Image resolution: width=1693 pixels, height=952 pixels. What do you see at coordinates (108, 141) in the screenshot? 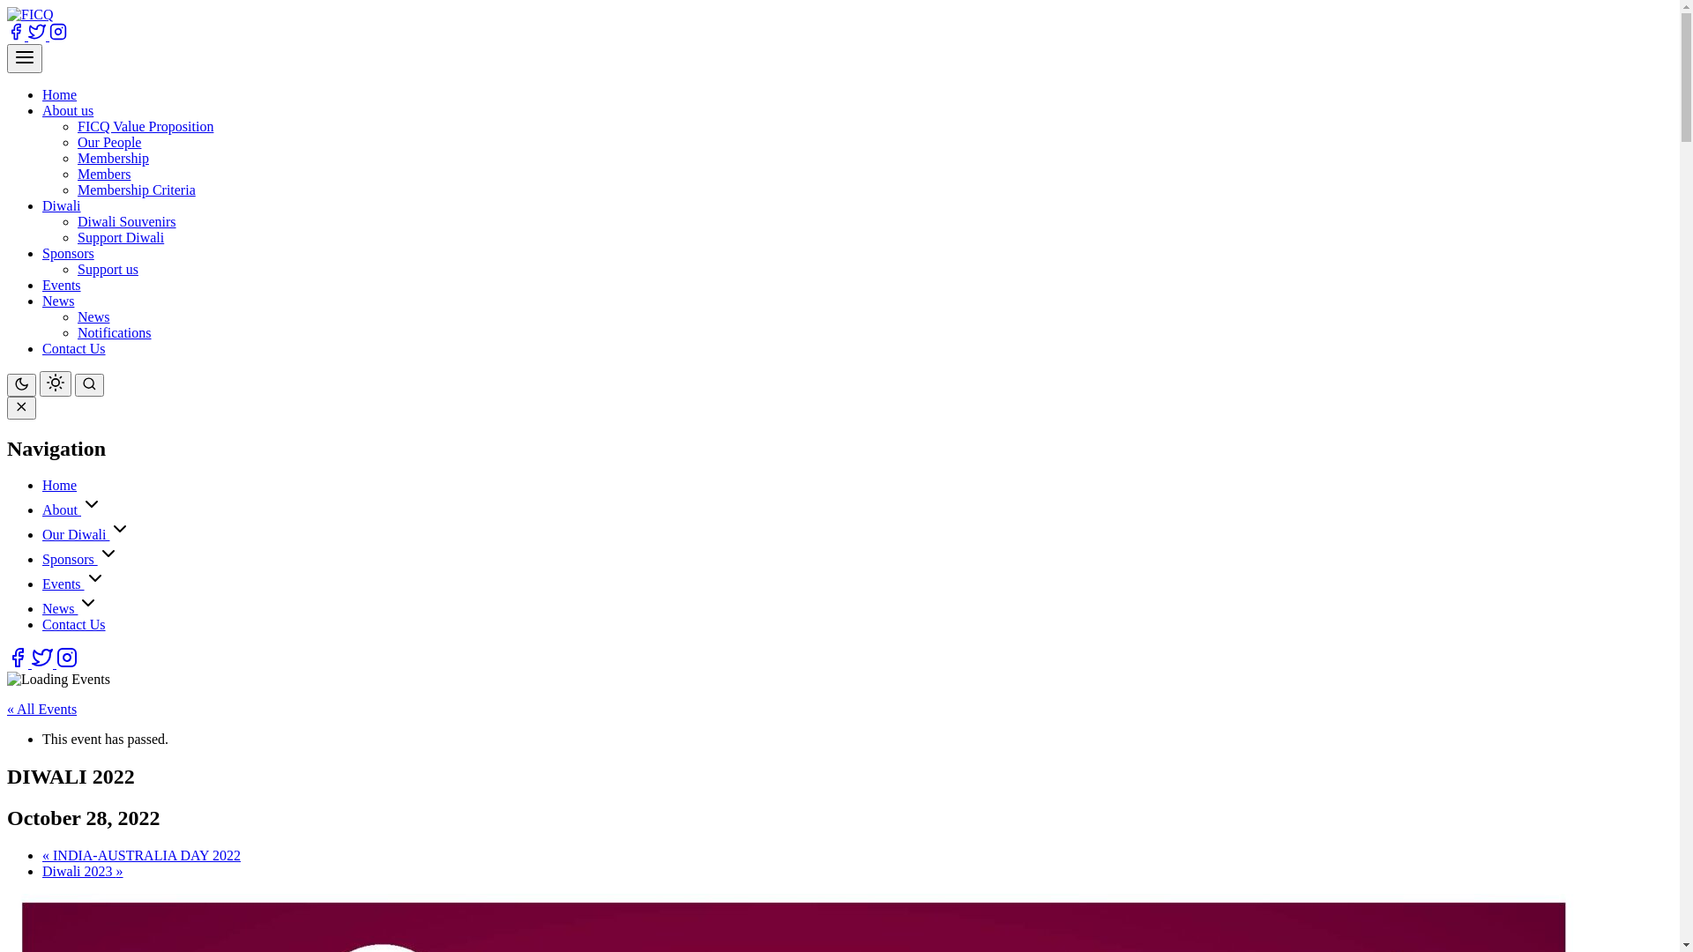
I see `'Our People'` at bounding box center [108, 141].